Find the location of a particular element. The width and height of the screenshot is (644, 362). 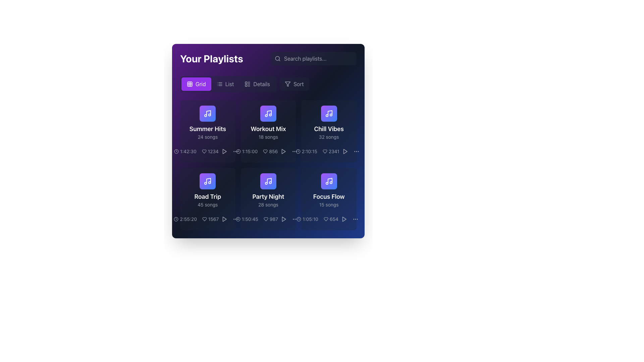

the text label displaying '15 songs' which is located below the title 'Focus Flow' in the bottom-right card of the playlist grid view is located at coordinates (329, 204).